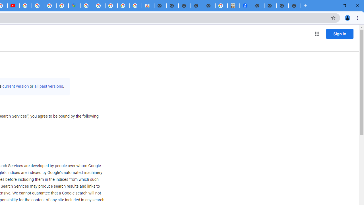 The width and height of the screenshot is (364, 205). Describe the element at coordinates (48, 86) in the screenshot. I see `'all past versions'` at that location.